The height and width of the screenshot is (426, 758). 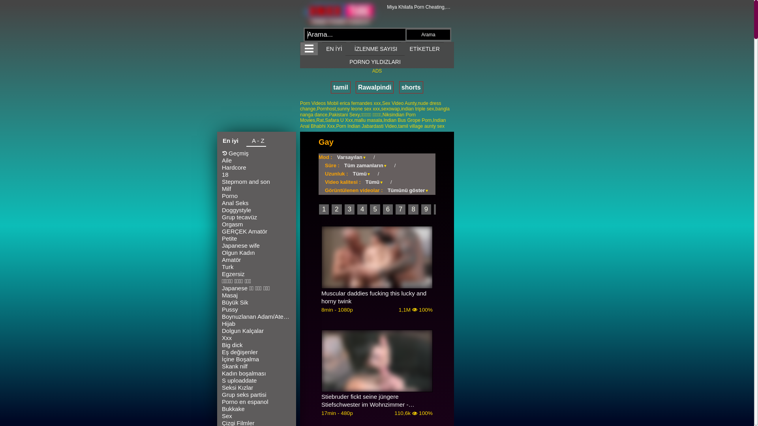 I want to click on 'Skank nilf', so click(x=256, y=366).